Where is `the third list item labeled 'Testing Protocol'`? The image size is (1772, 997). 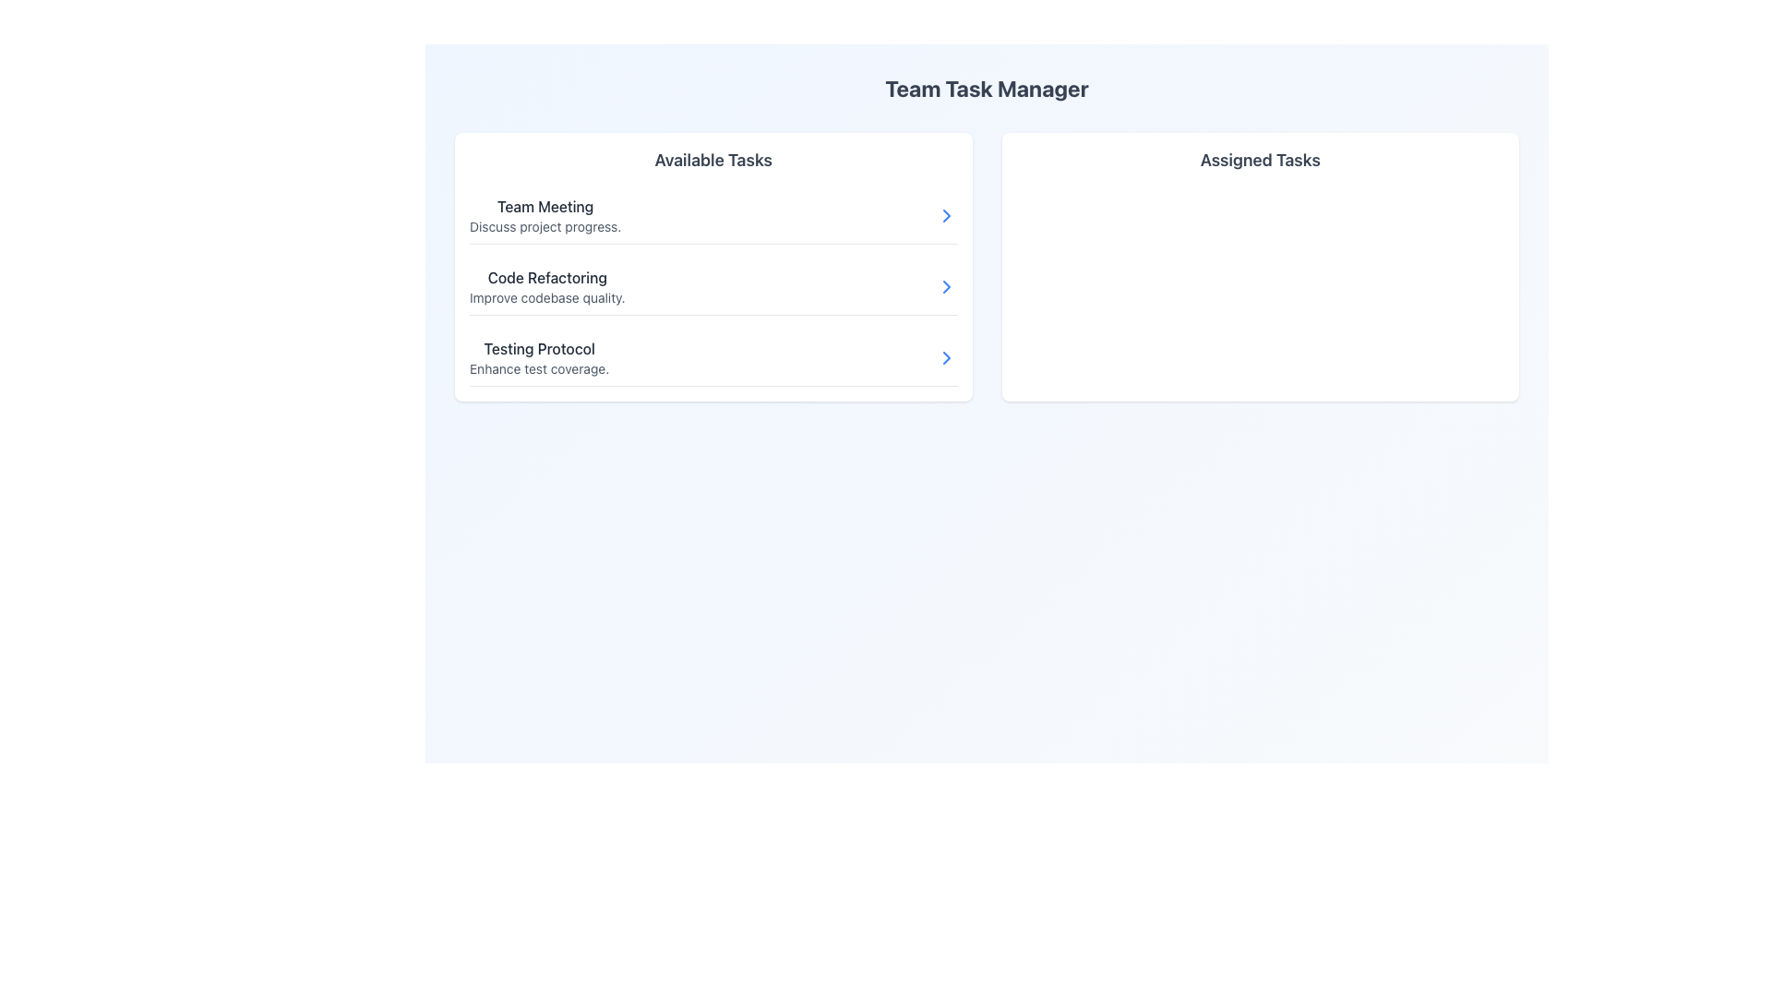
the third list item labeled 'Testing Protocol' is located at coordinates (712, 358).